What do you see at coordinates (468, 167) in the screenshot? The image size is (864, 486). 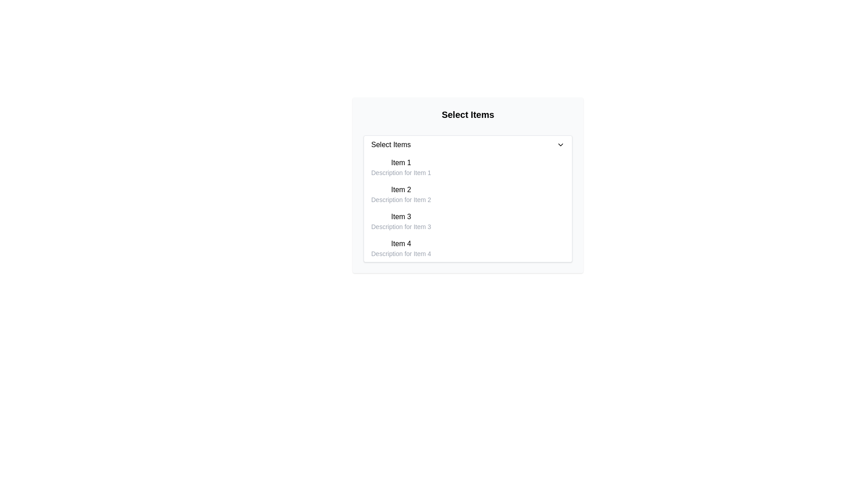 I see `the first item in the dropdown menu` at bounding box center [468, 167].